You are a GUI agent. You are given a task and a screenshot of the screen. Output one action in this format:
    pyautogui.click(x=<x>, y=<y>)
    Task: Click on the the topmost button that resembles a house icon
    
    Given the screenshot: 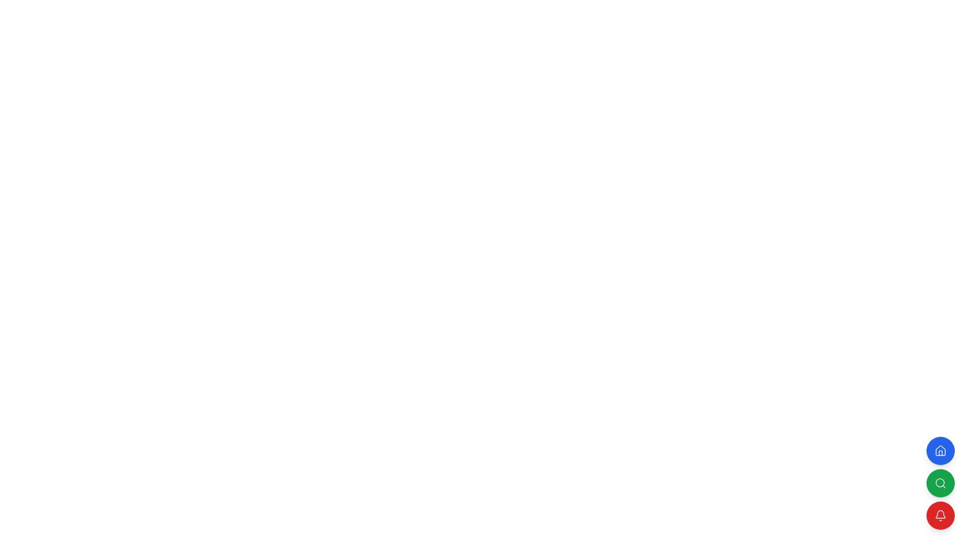 What is the action you would take?
    pyautogui.click(x=940, y=452)
    